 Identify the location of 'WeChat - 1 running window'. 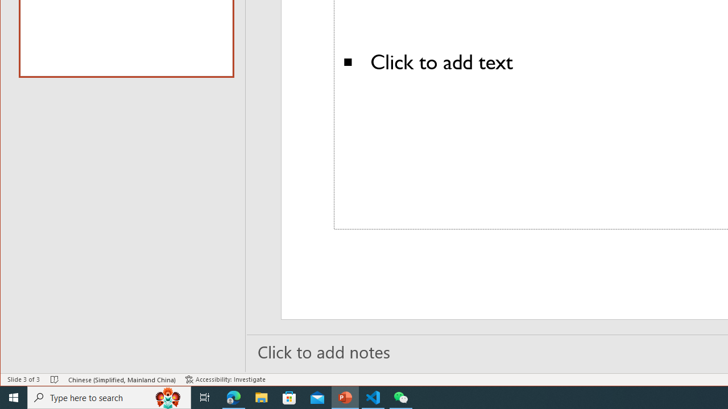
(401, 397).